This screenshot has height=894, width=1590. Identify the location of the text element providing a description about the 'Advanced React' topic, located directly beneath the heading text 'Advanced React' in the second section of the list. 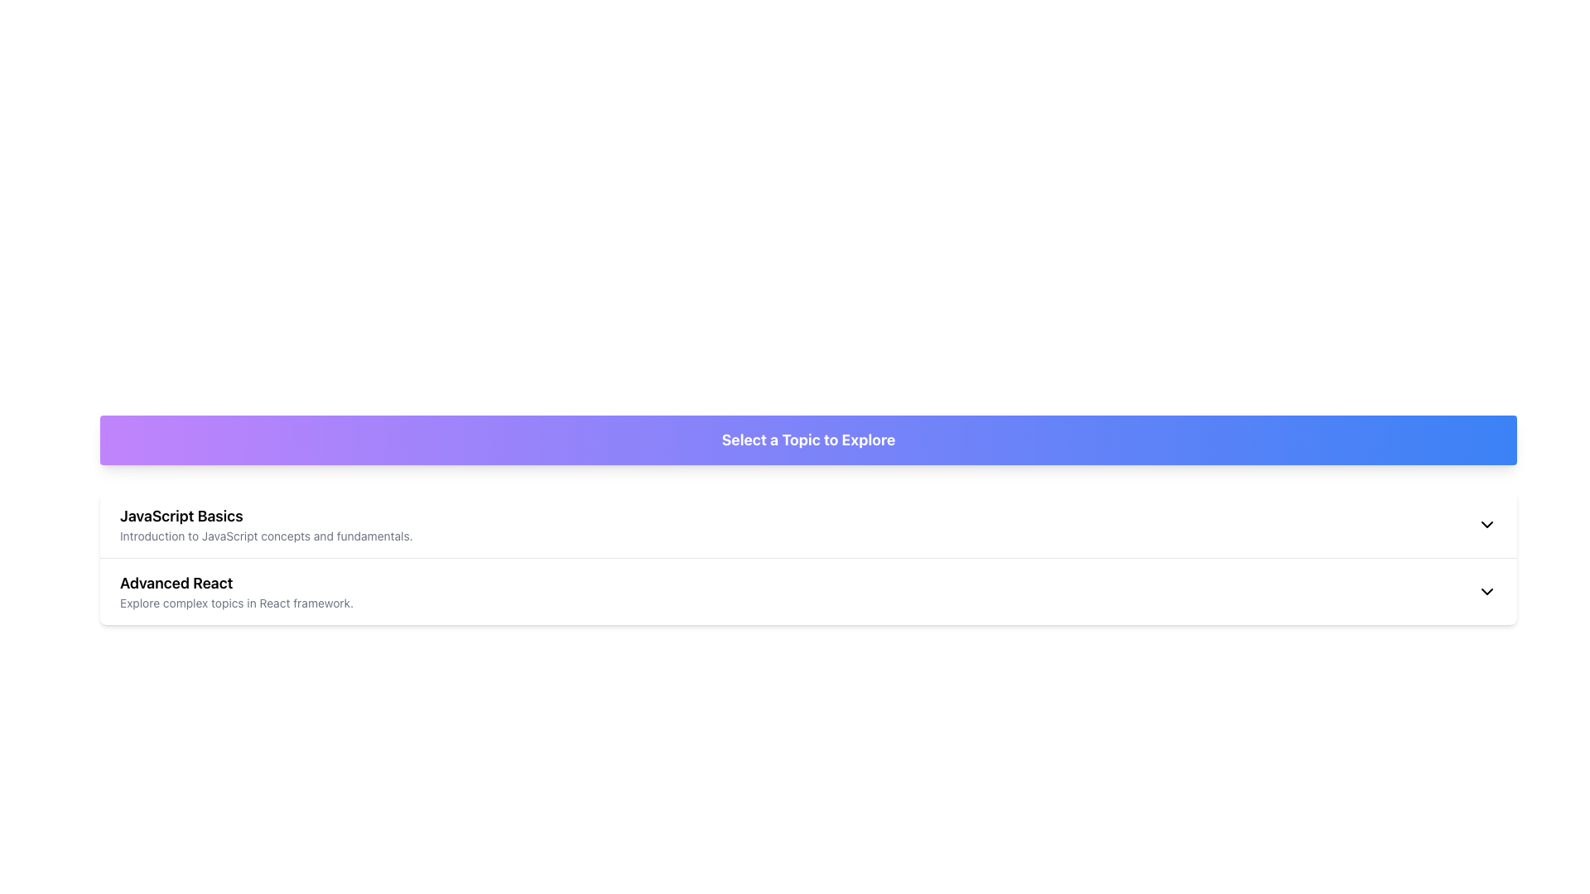
(236, 603).